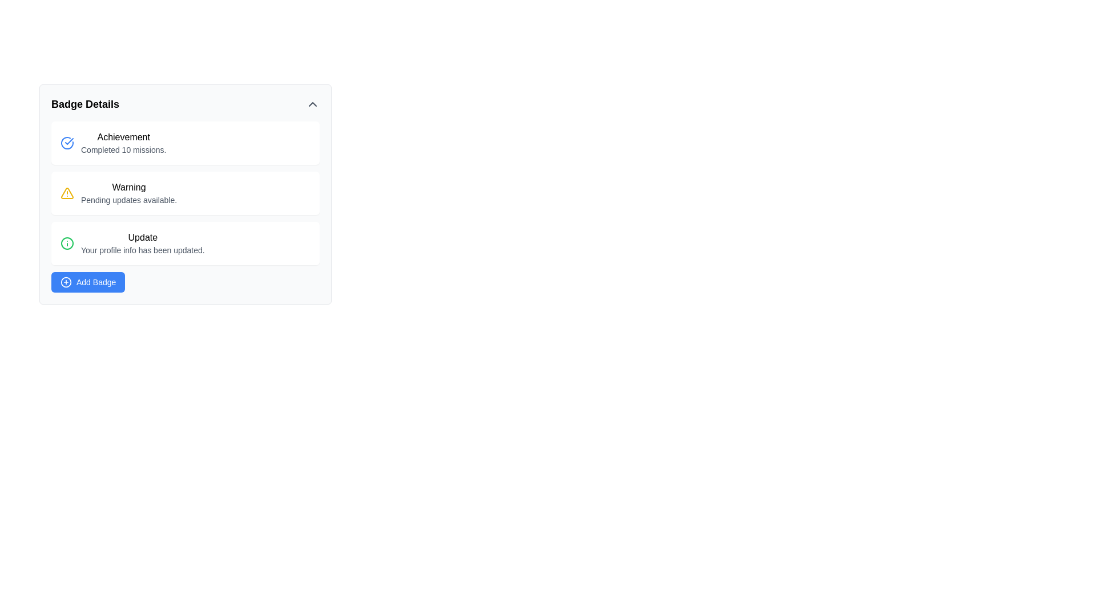 This screenshot has height=616, width=1096. What do you see at coordinates (142, 243) in the screenshot?
I see `the informational message indicating a successful profile update within the 'Badge Details' card, located in the third section of the vertical list` at bounding box center [142, 243].